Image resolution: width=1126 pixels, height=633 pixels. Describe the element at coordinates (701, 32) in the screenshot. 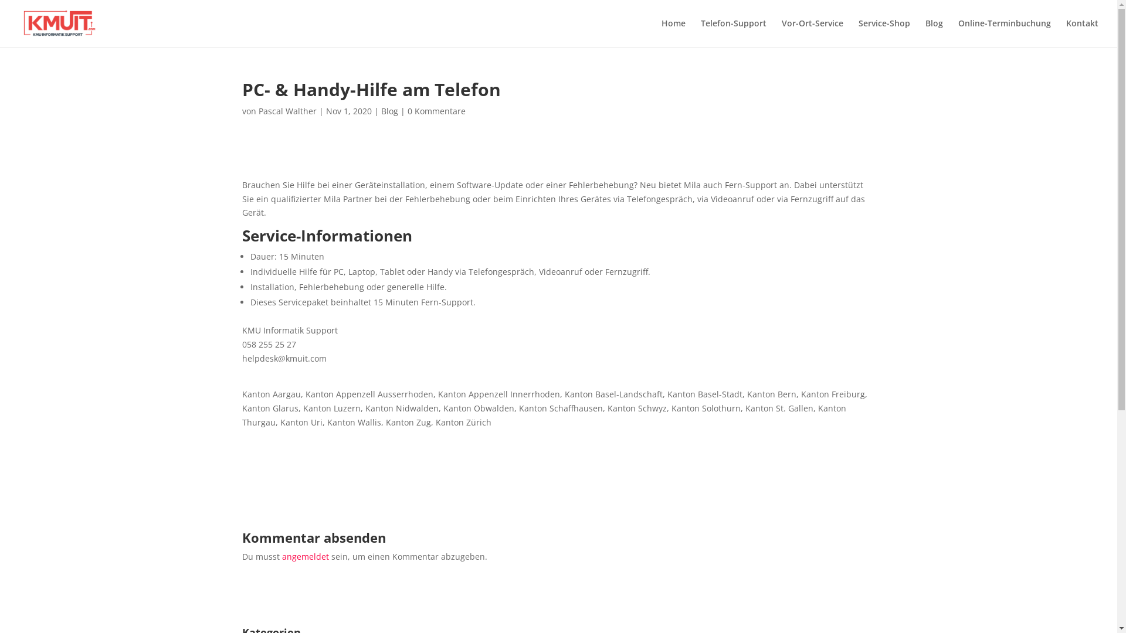

I see `'Telefon-Support'` at that location.